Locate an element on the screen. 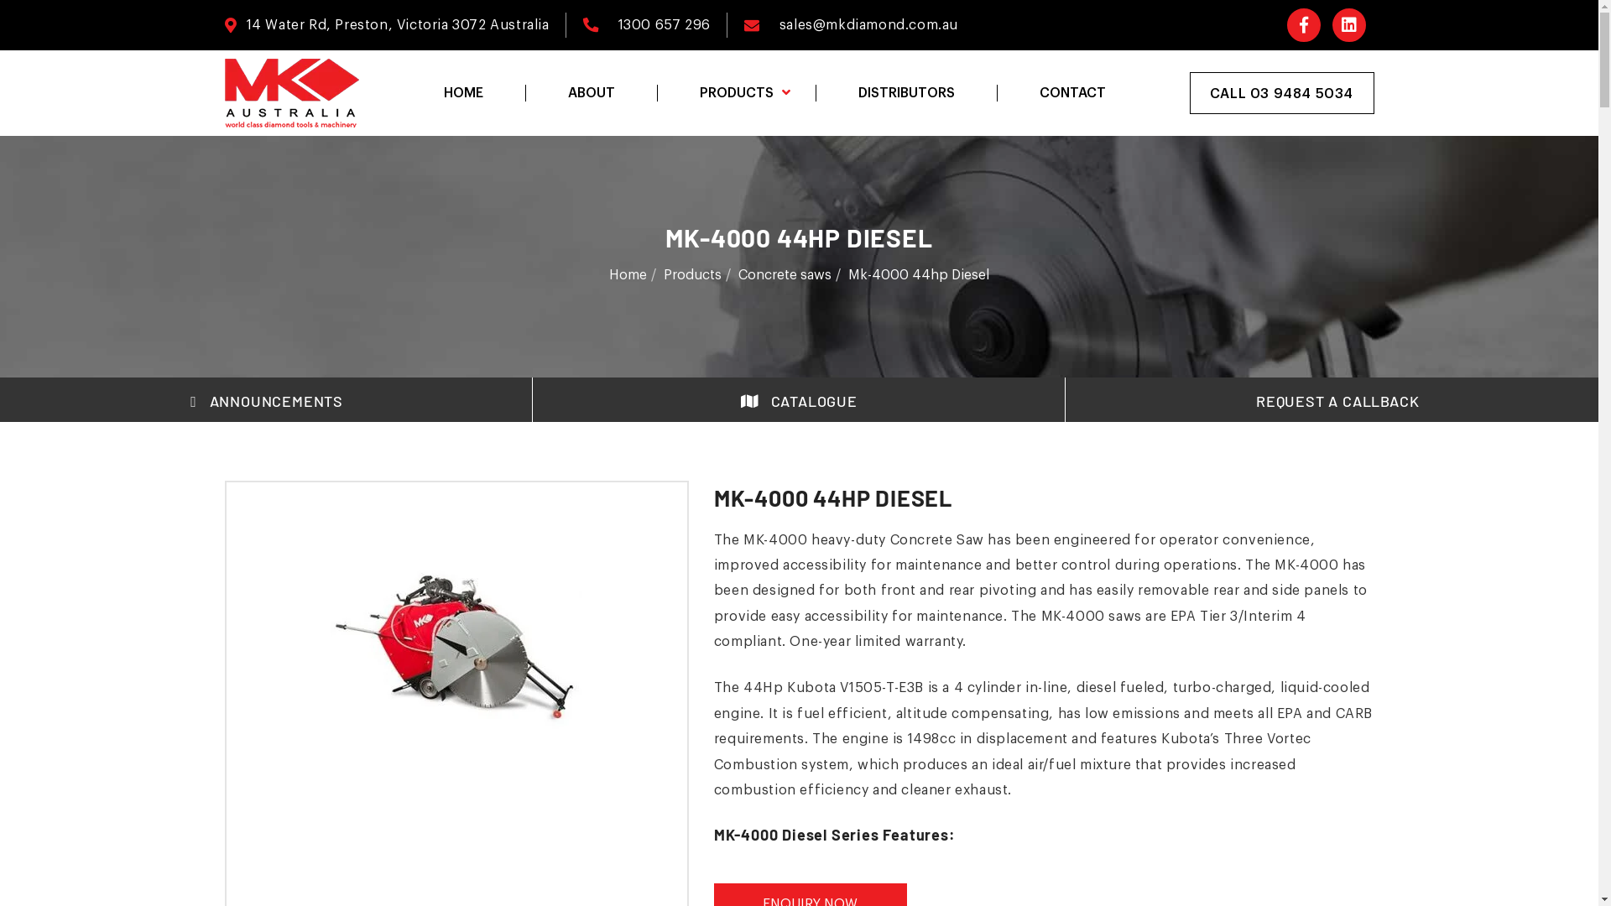 The image size is (1611, 906). 'ABOUT' is located at coordinates (524, 93).